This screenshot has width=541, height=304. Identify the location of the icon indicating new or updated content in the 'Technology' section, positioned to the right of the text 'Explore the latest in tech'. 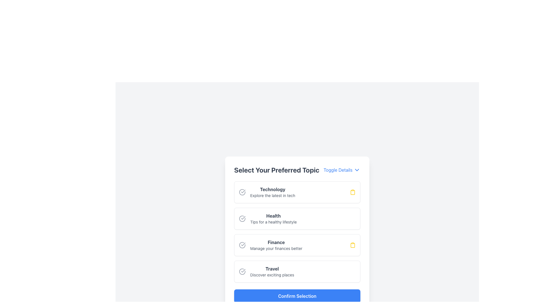
(352, 192).